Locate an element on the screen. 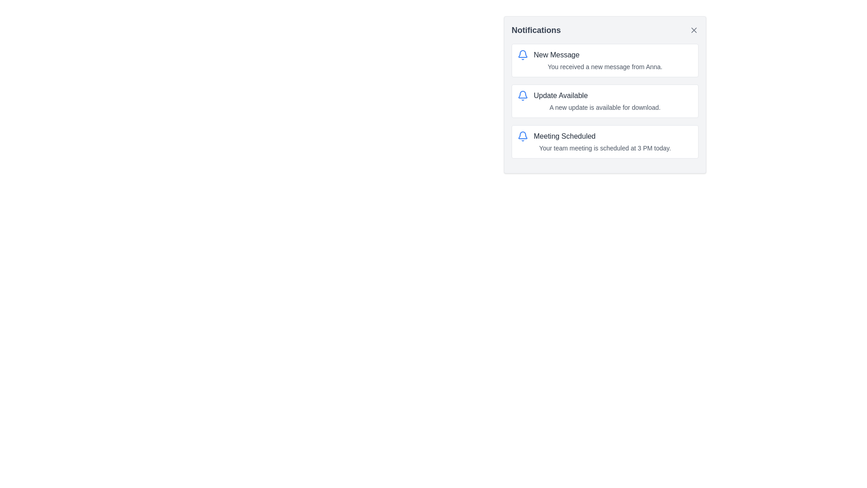  the ringing bell icon located in the right sidebar, aligned horizontally with the 'Meeting Scheduled' notification entry is located at coordinates (522, 135).